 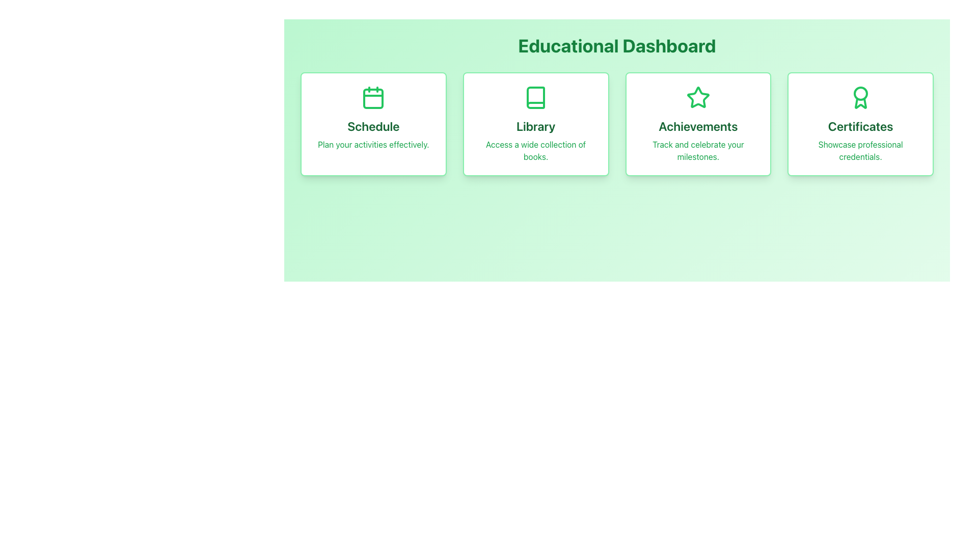 I want to click on the 'Certificates' information card located in the top-right corner of the grid, so click(x=860, y=123).